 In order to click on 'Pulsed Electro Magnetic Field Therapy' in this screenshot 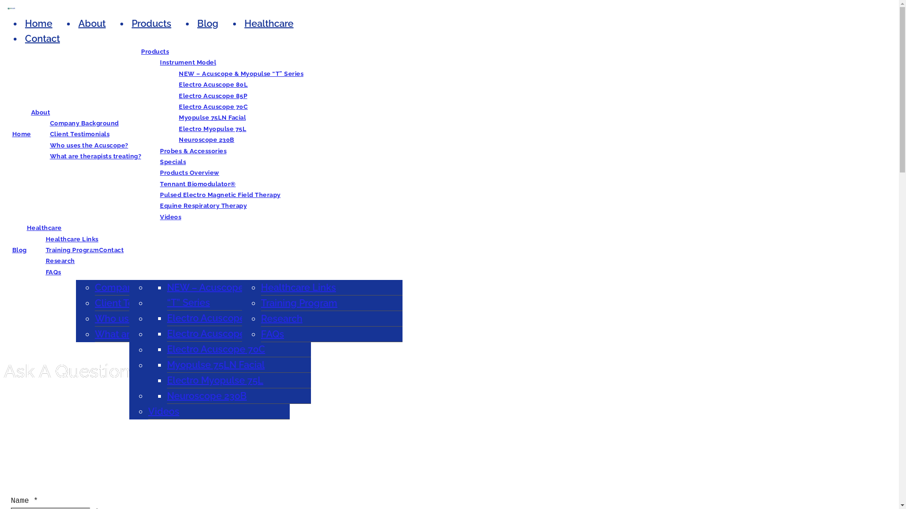, I will do `click(219, 194)`.